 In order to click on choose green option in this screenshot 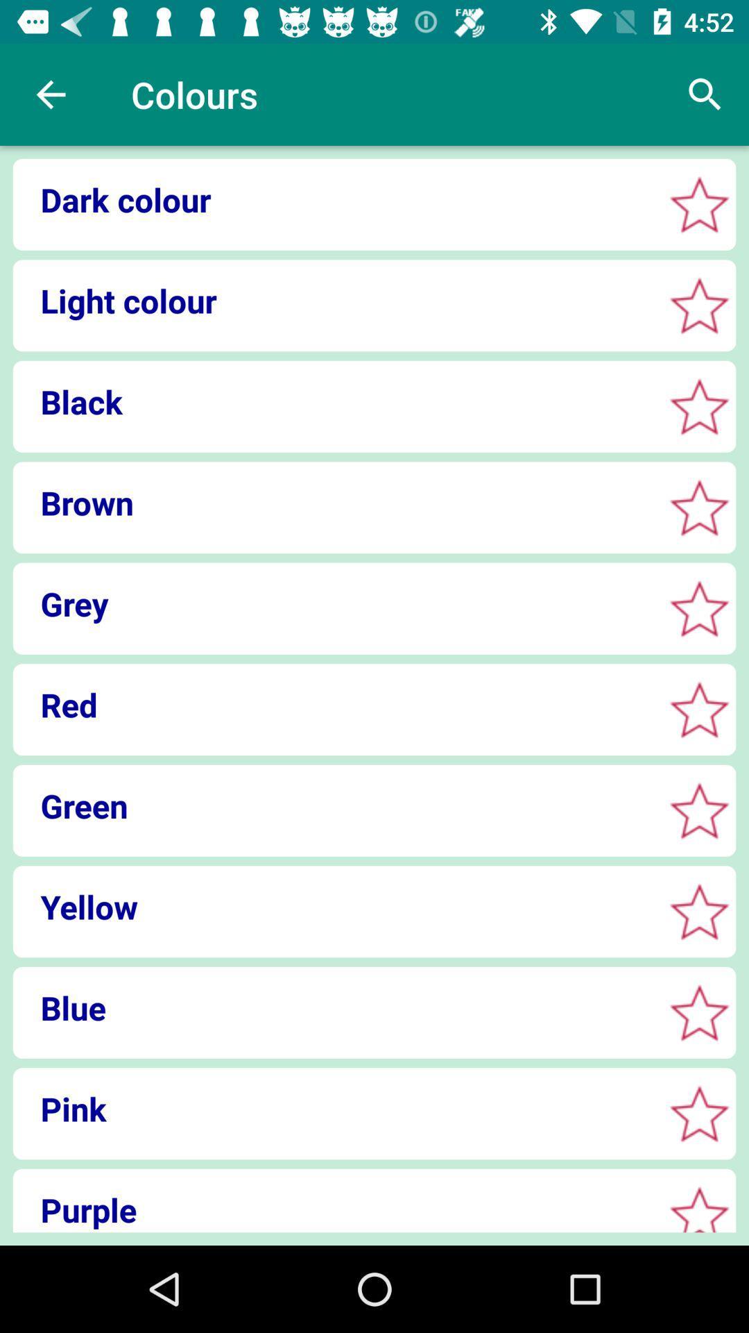, I will do `click(699, 810)`.